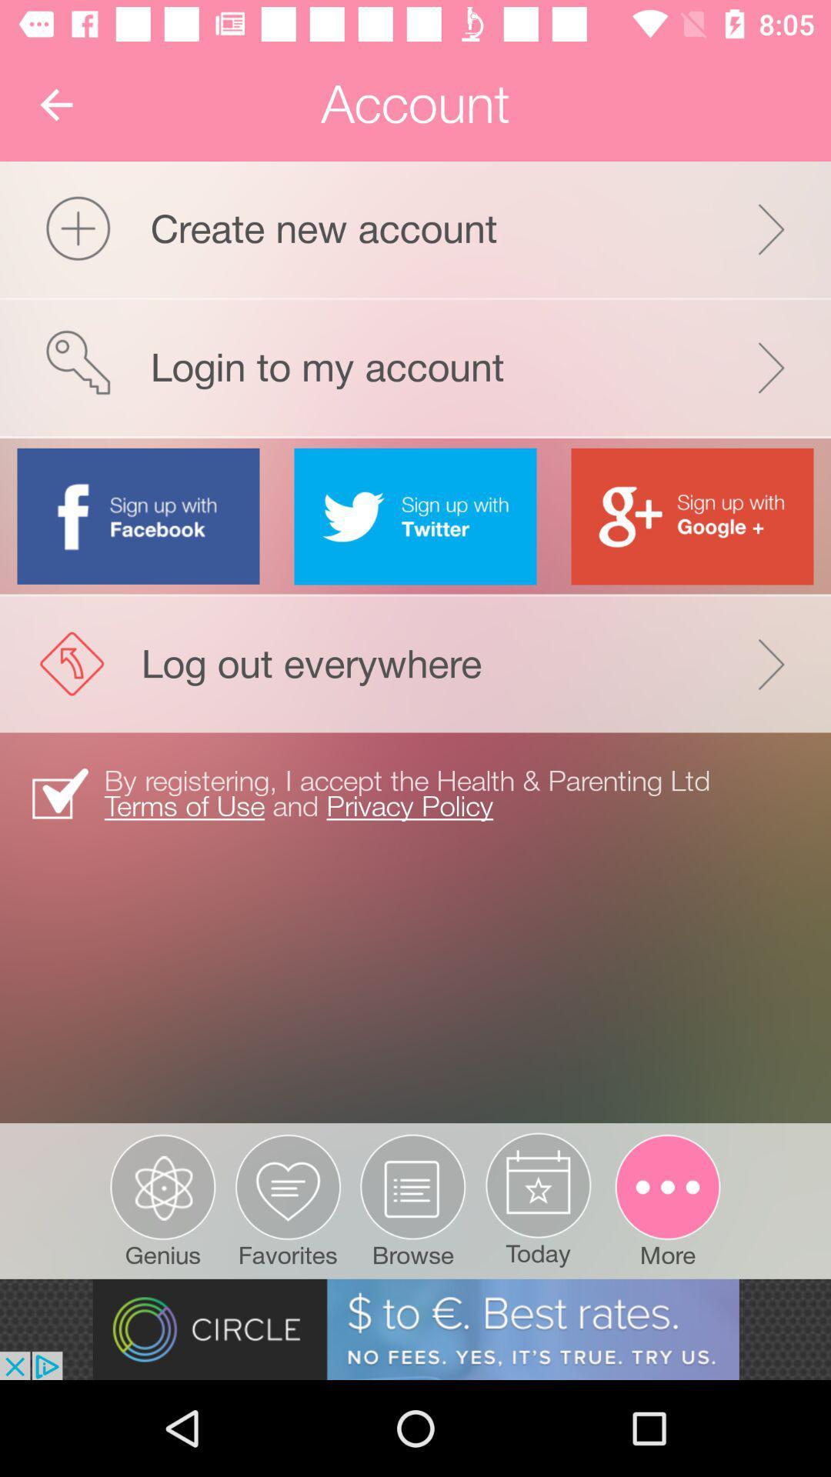 The width and height of the screenshot is (831, 1477). I want to click on open advertisement, so click(415, 1329).